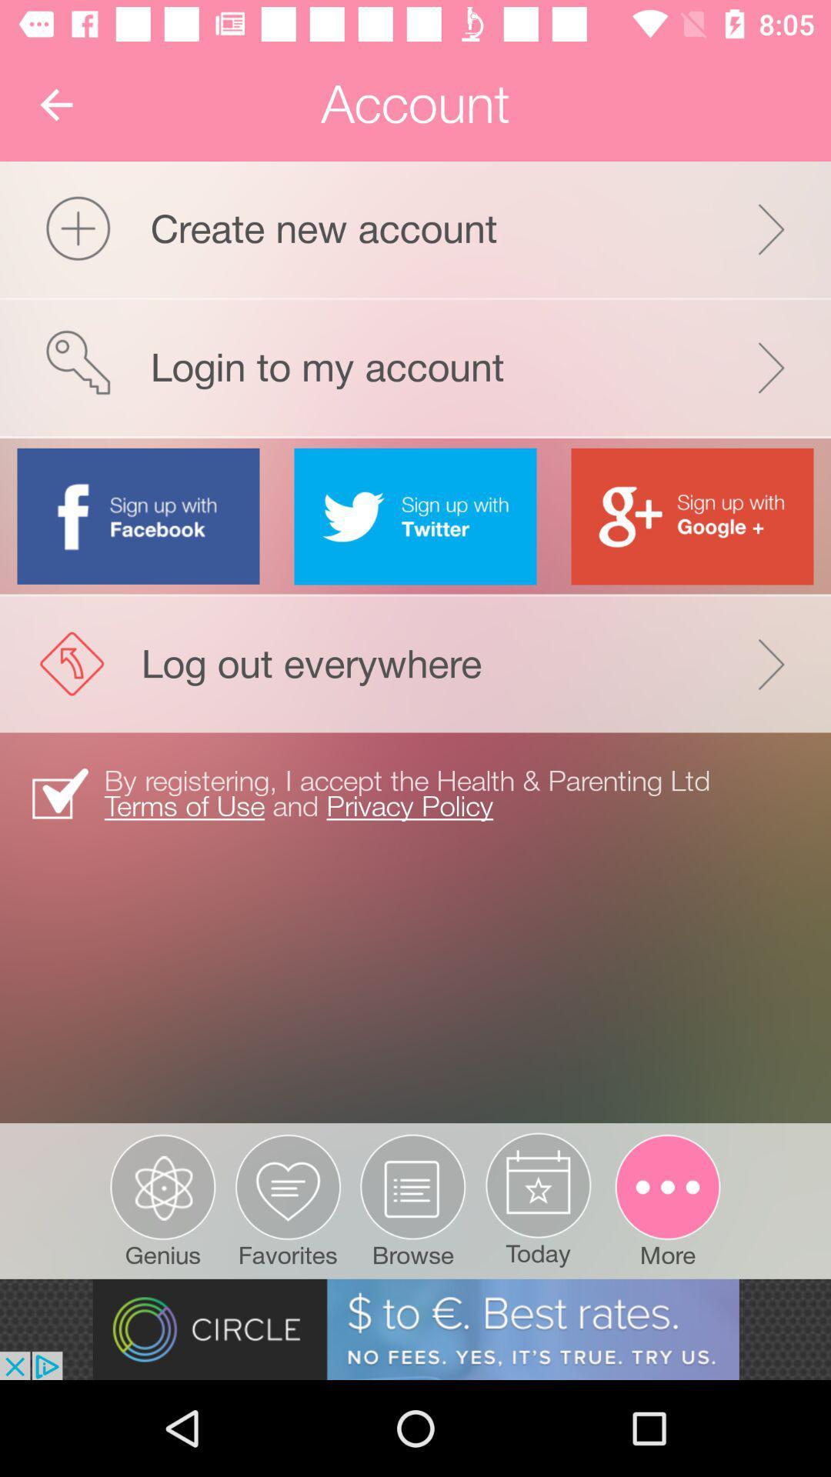 The width and height of the screenshot is (831, 1477). I want to click on open advertisement, so click(415, 1329).